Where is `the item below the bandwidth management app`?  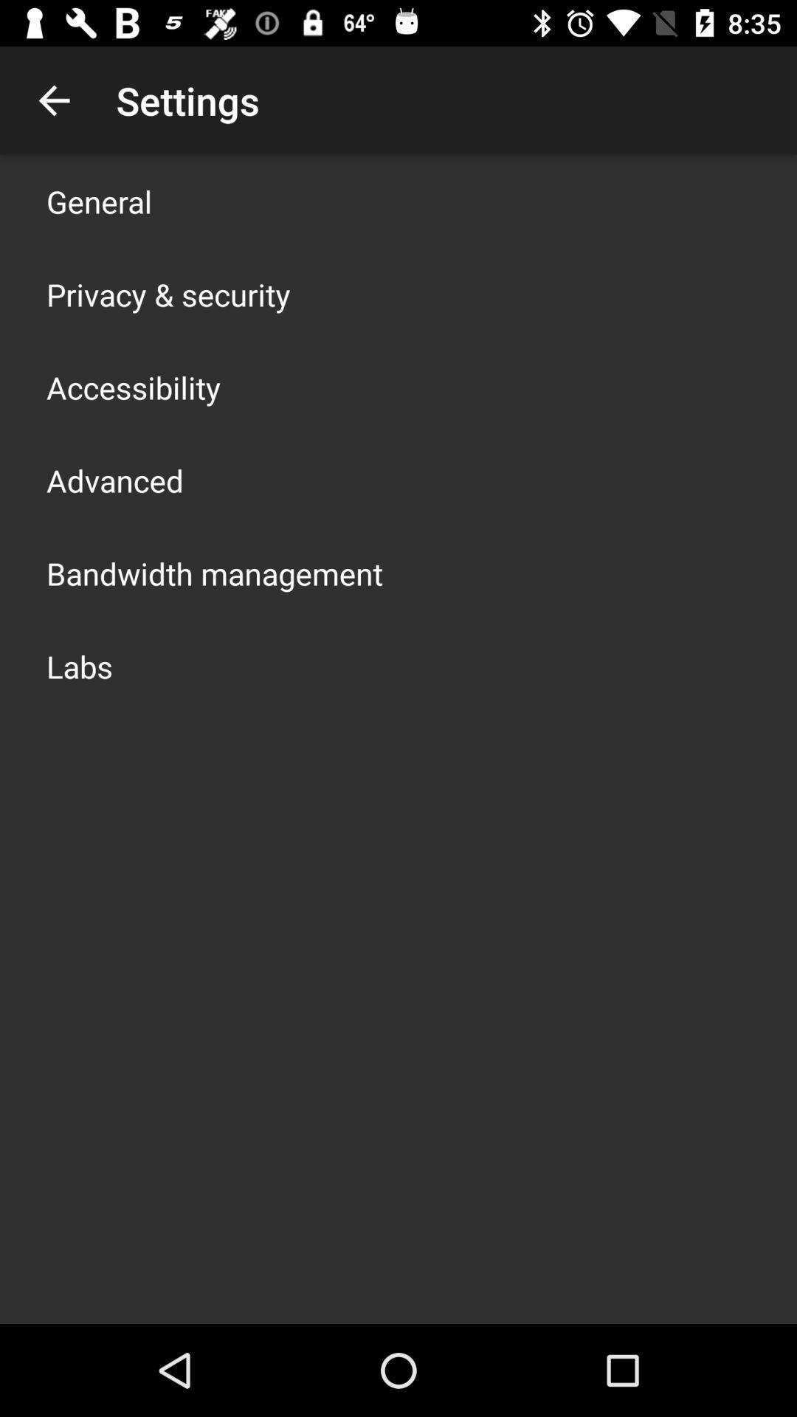
the item below the bandwidth management app is located at coordinates (80, 665).